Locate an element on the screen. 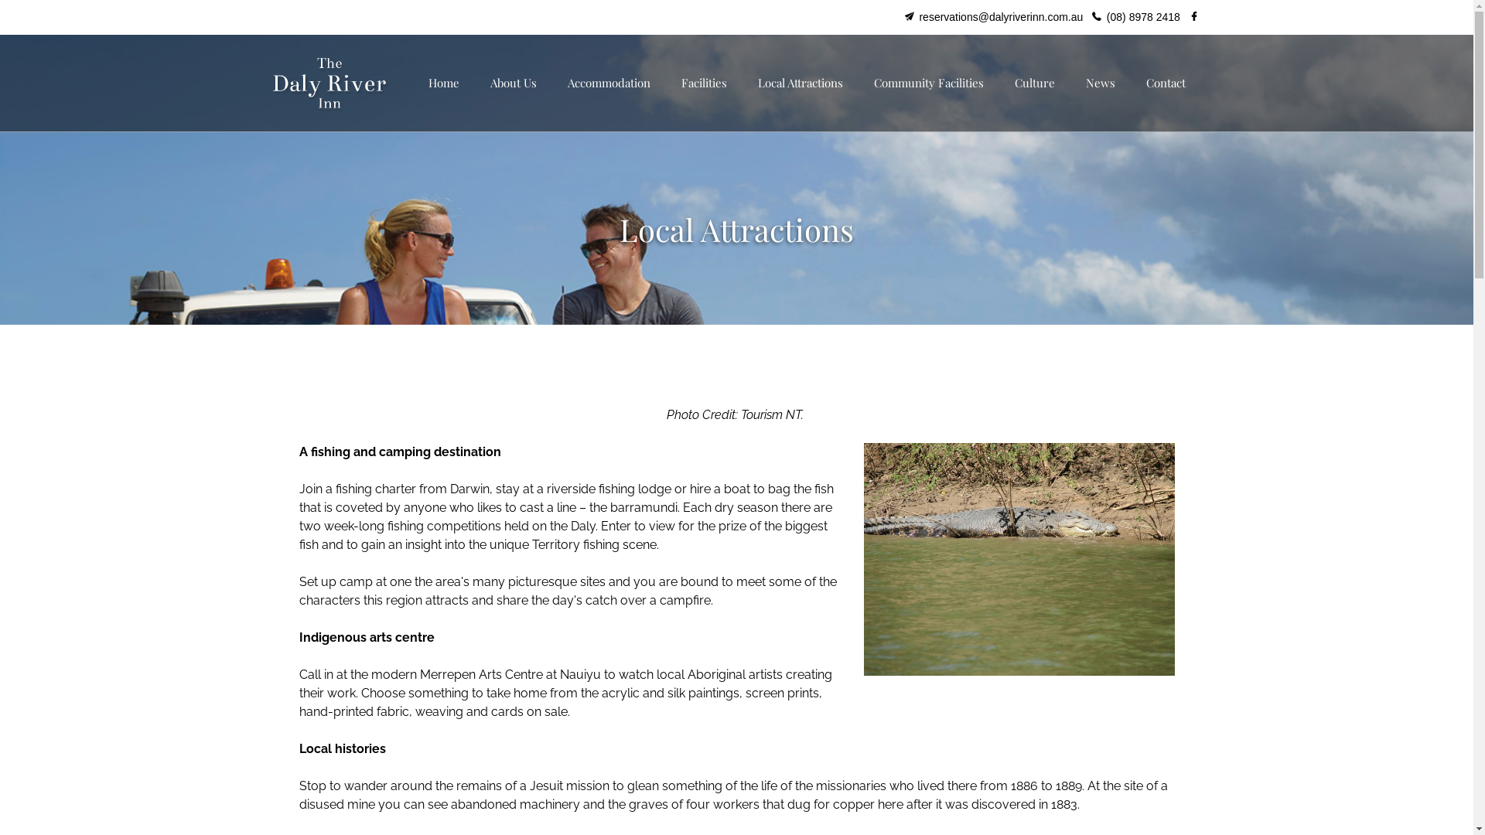 This screenshot has width=1485, height=835. 'Facilities' is located at coordinates (702, 83).